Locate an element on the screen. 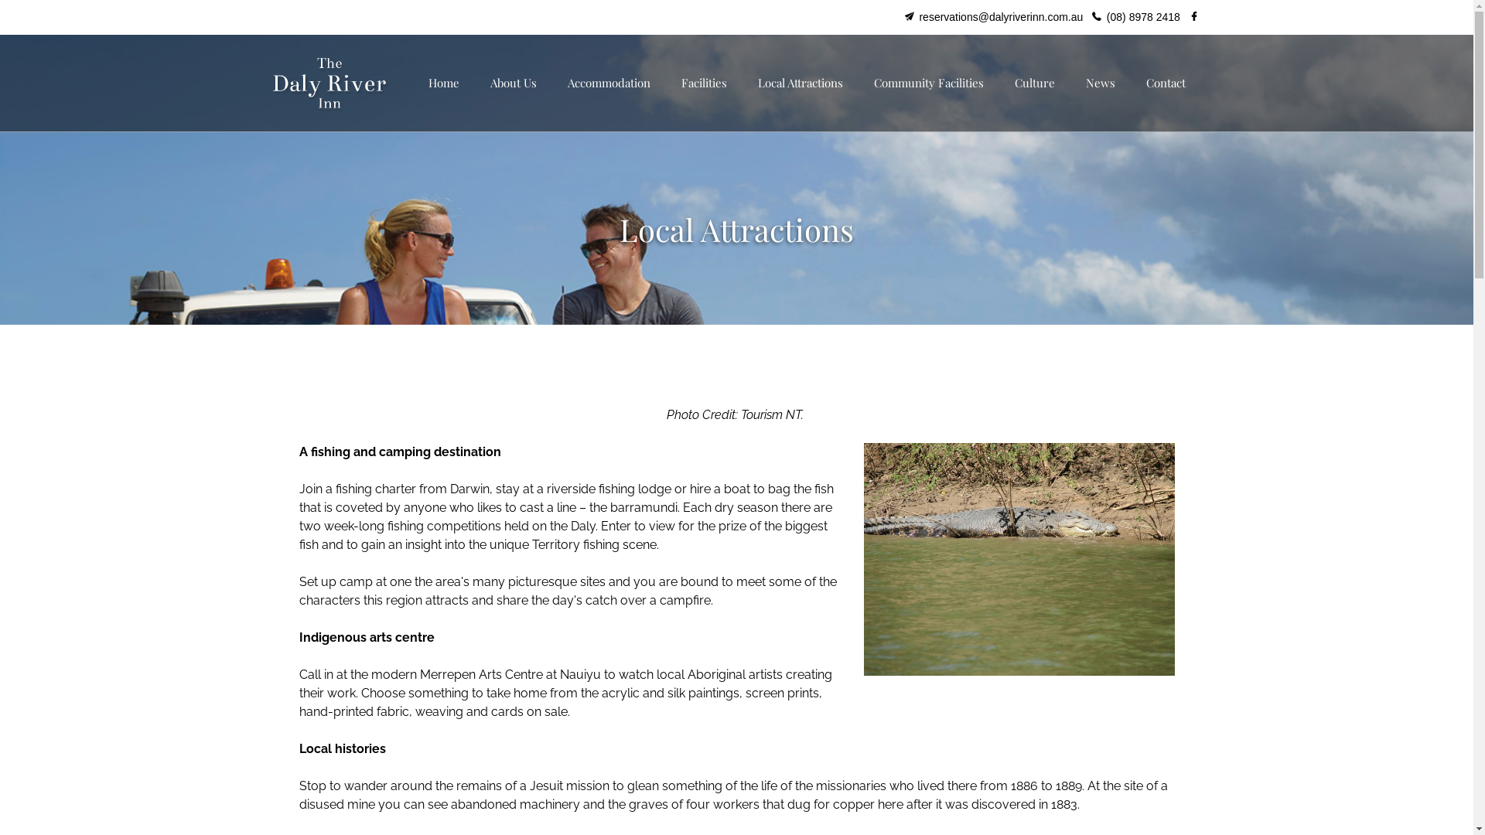 This screenshot has width=1485, height=835. 'Facilities' is located at coordinates (702, 83).